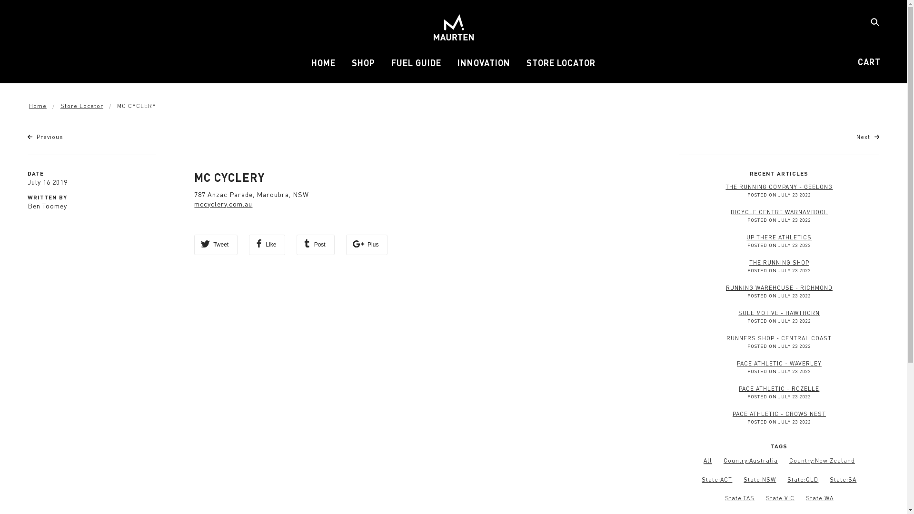 The height and width of the screenshot is (514, 914). What do you see at coordinates (296, 244) in the screenshot?
I see `'Post'` at bounding box center [296, 244].